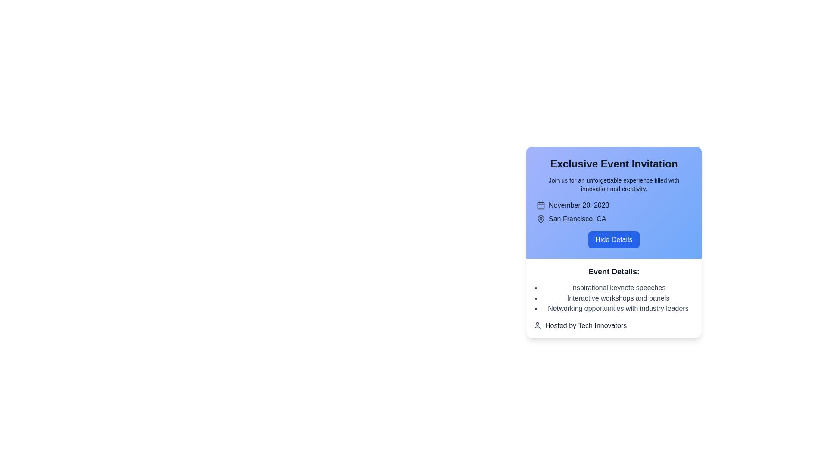 The image size is (827, 465). I want to click on the central element of the stylized calendar icon within the SVG, which represents the day or date aspect, so click(541, 205).